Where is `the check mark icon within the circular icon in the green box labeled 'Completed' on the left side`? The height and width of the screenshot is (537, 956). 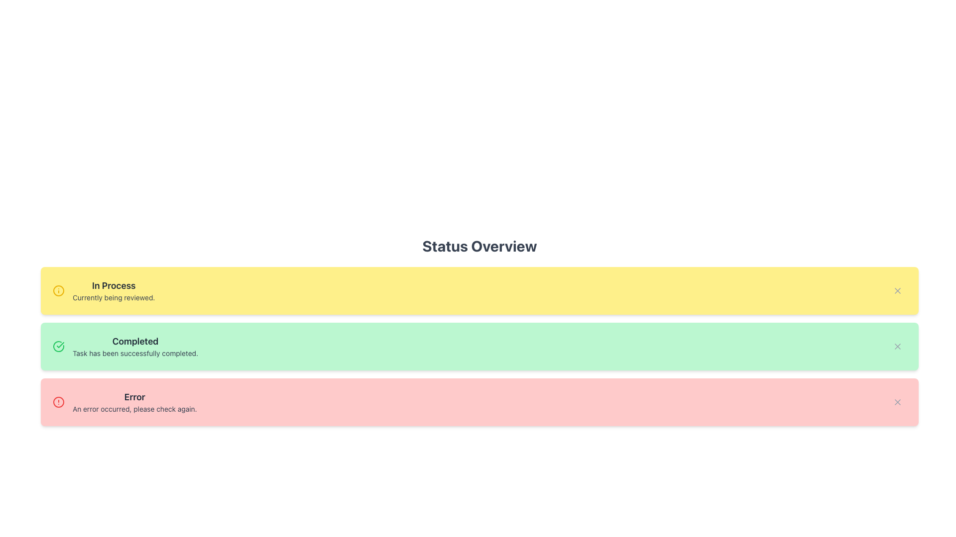 the check mark icon within the circular icon in the green box labeled 'Completed' on the left side is located at coordinates (60, 345).